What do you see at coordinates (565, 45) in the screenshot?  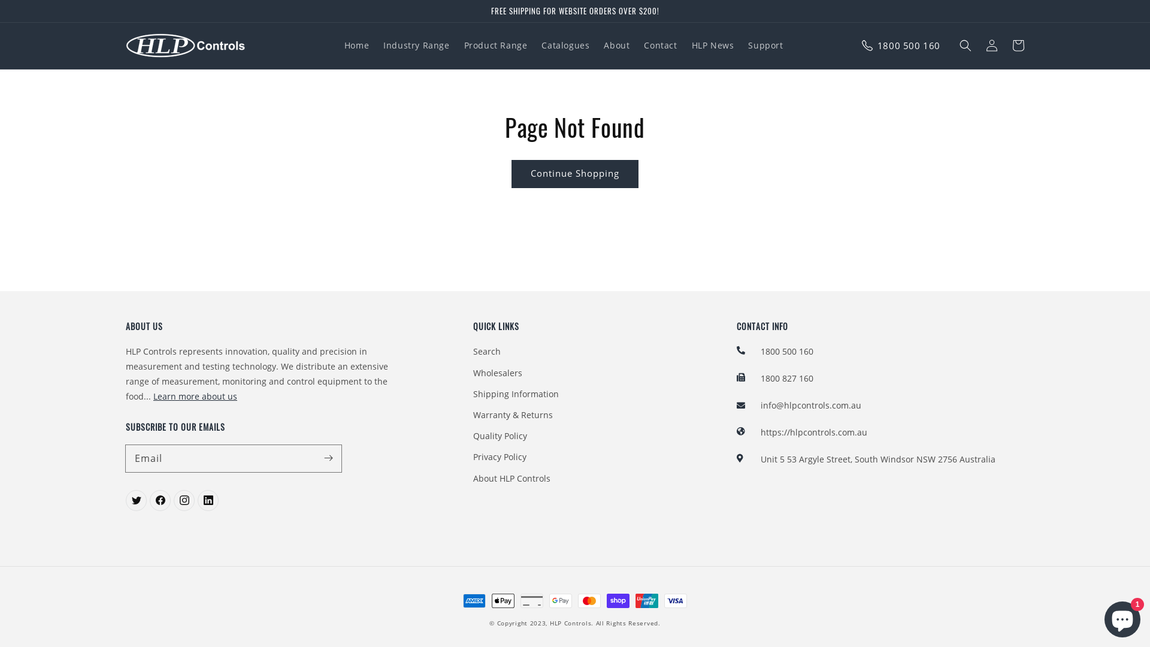 I see `'Catalogues'` at bounding box center [565, 45].